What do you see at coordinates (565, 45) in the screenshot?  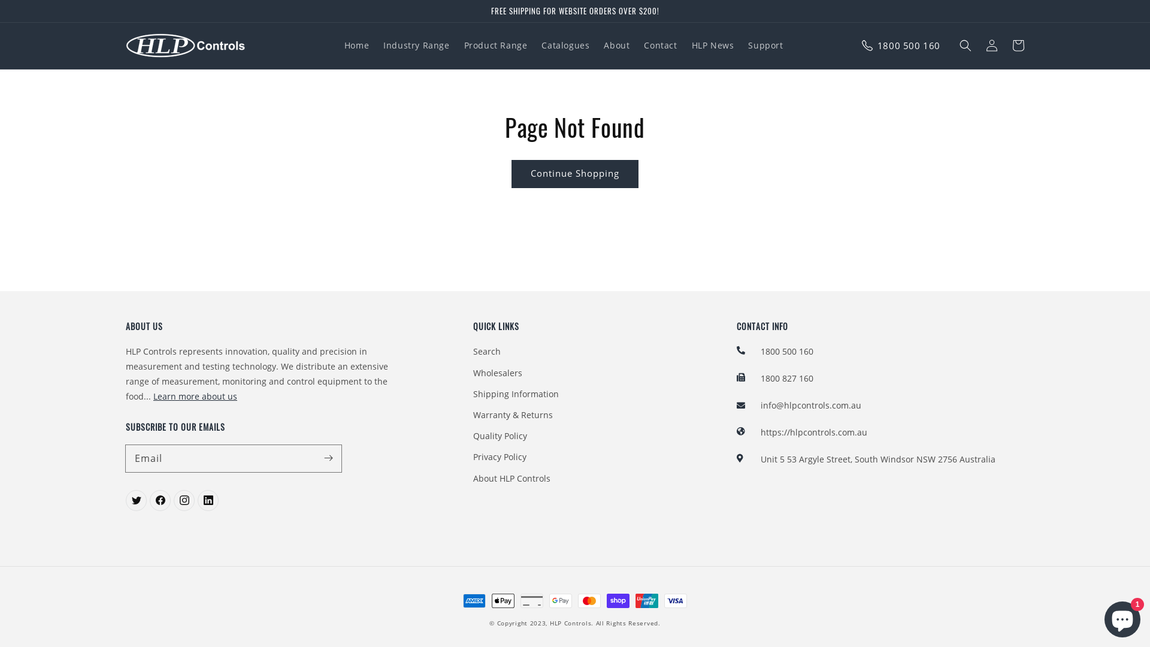 I see `'Catalogues'` at bounding box center [565, 45].